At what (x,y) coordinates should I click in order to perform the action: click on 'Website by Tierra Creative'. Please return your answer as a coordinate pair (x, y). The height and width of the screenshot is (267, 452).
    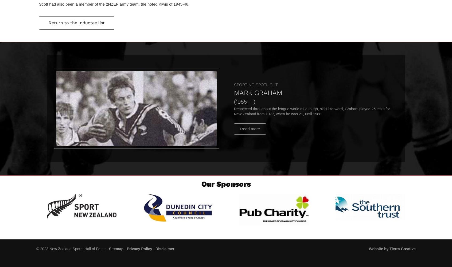
    Looking at the image, I should click on (368, 249).